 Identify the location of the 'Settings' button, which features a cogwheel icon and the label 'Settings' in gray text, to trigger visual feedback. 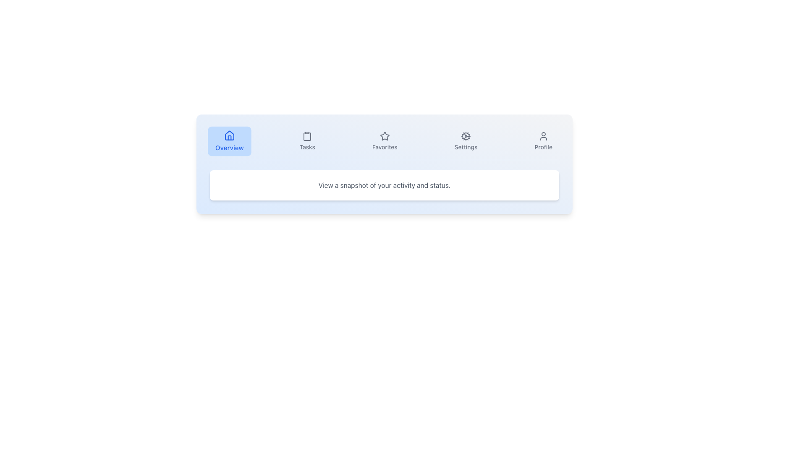
(466, 141).